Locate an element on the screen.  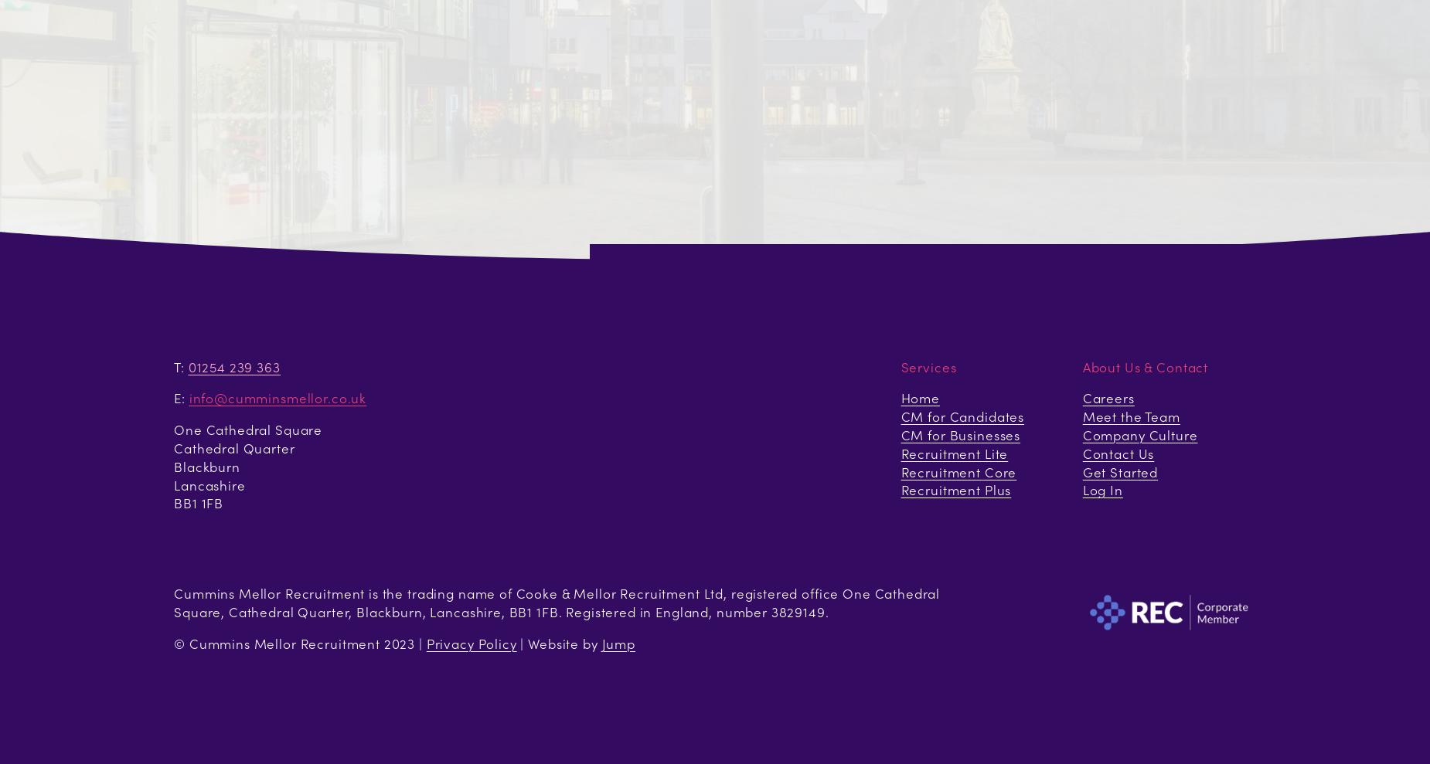
'Cummins Mellor Recruitment is the trading name of Cooke & Mellor Recruitment Ltd, registered office One Cathedral Square, Cathedral Quarter, Blackburn, Lancashire, BB1 1FB. Registered in England, number 3829149.' is located at coordinates (558, 602).